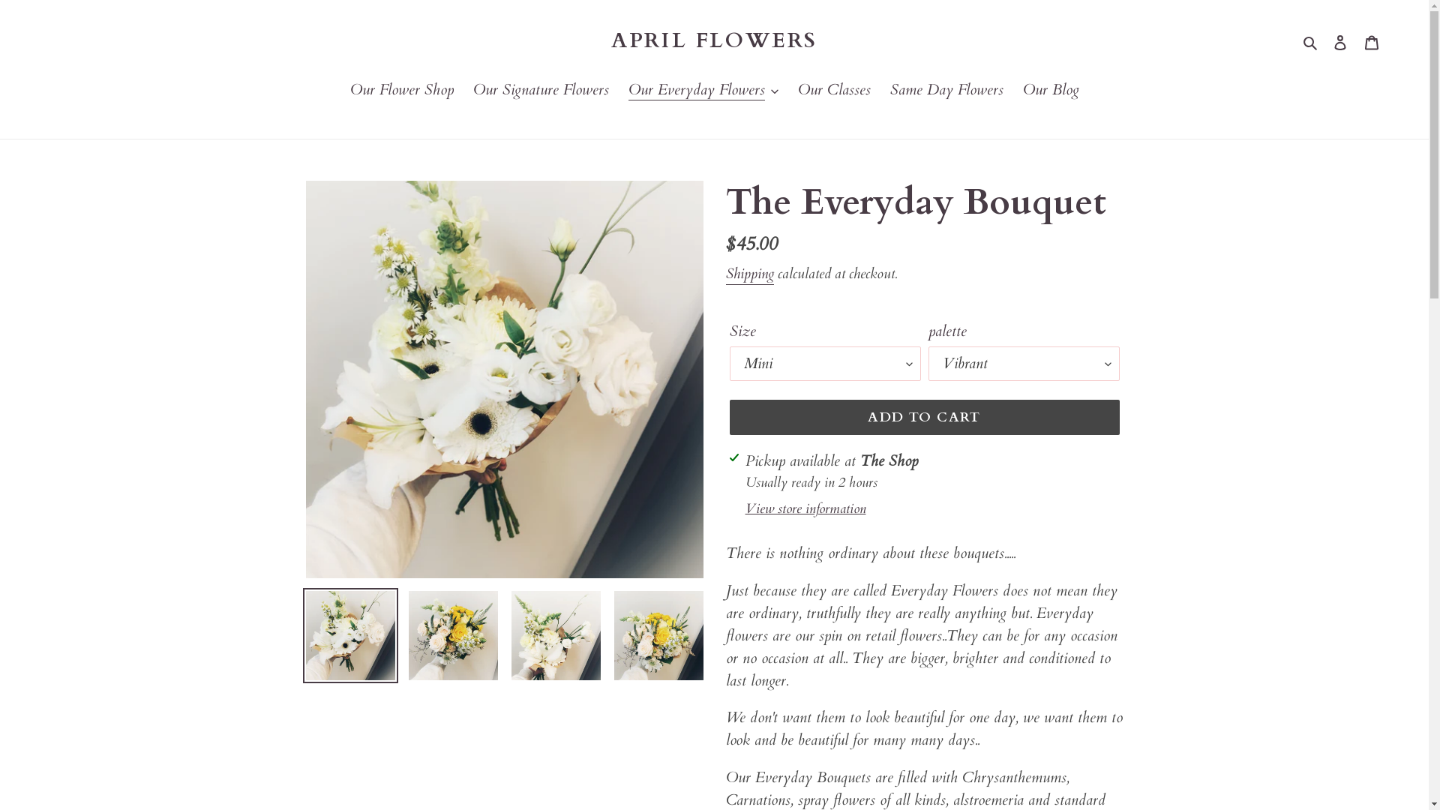 This screenshot has height=810, width=1440. What do you see at coordinates (726, 274) in the screenshot?
I see `'Shipping'` at bounding box center [726, 274].